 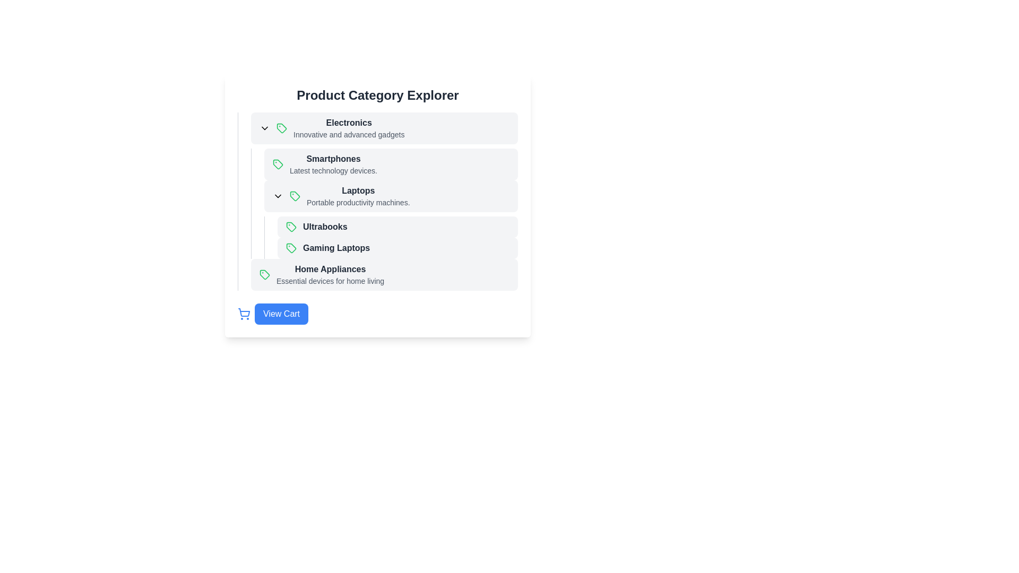 What do you see at coordinates (291, 227) in the screenshot?
I see `the icon that signifies the category or tag related to 'Ultrabooks', which is the first graphical element to the left of the text 'Ultrabooks'` at bounding box center [291, 227].